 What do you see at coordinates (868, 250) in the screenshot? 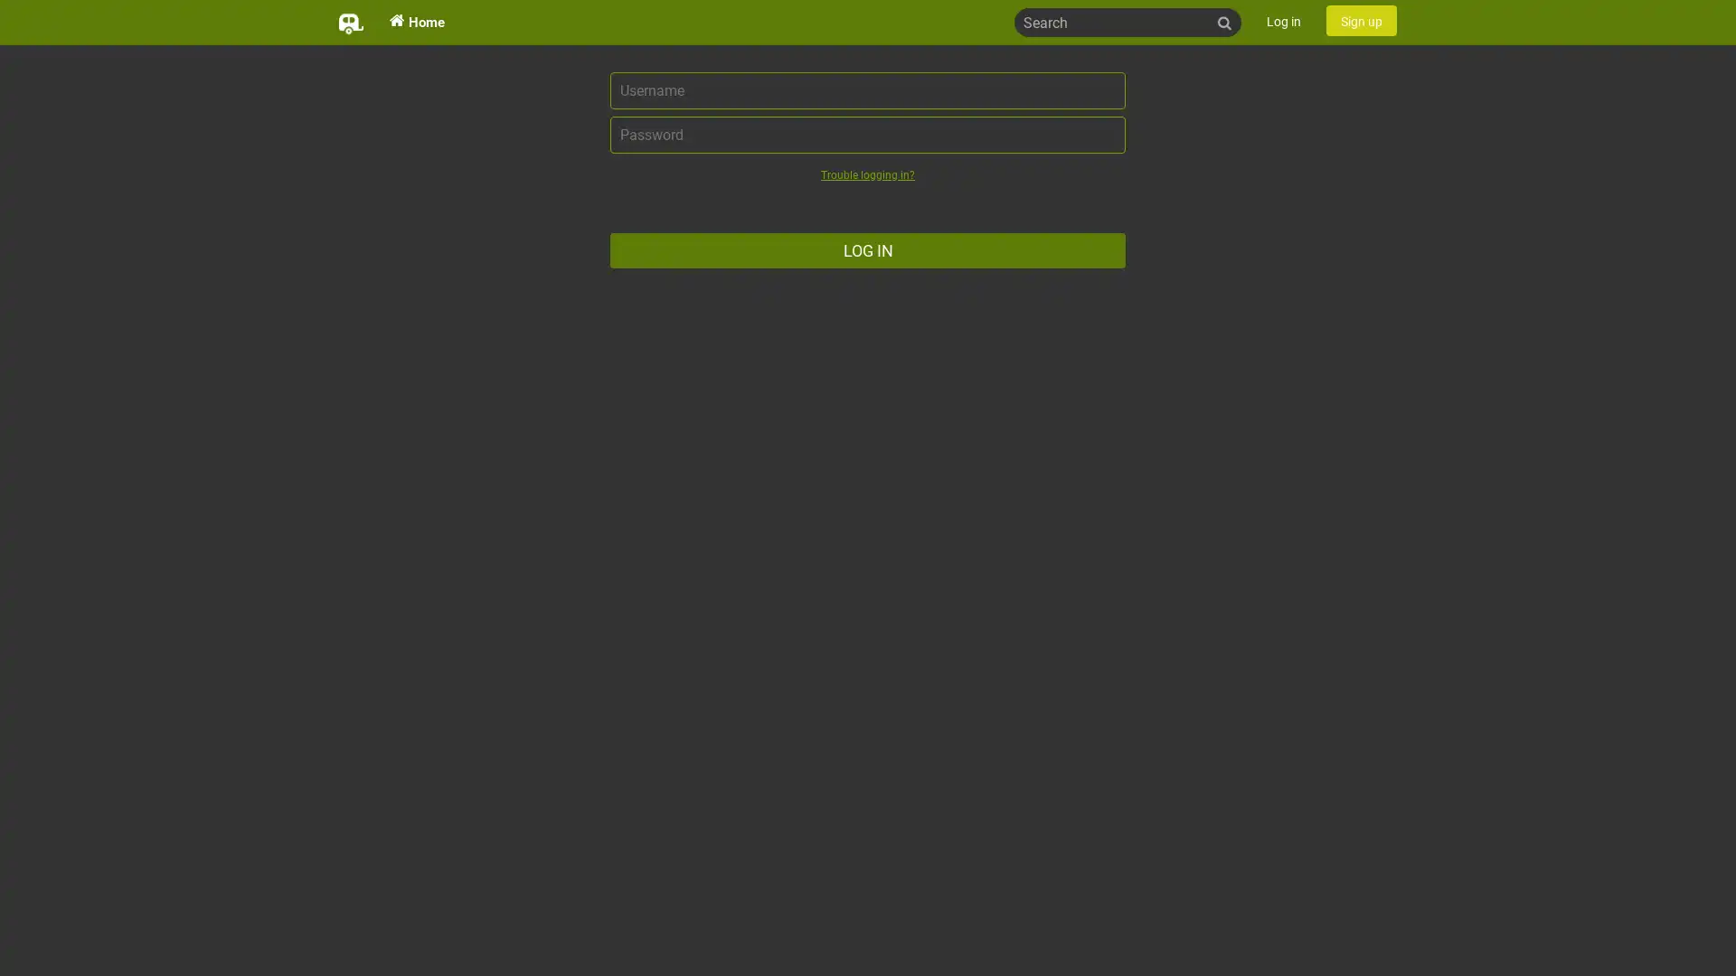
I see `LOG IN` at bounding box center [868, 250].